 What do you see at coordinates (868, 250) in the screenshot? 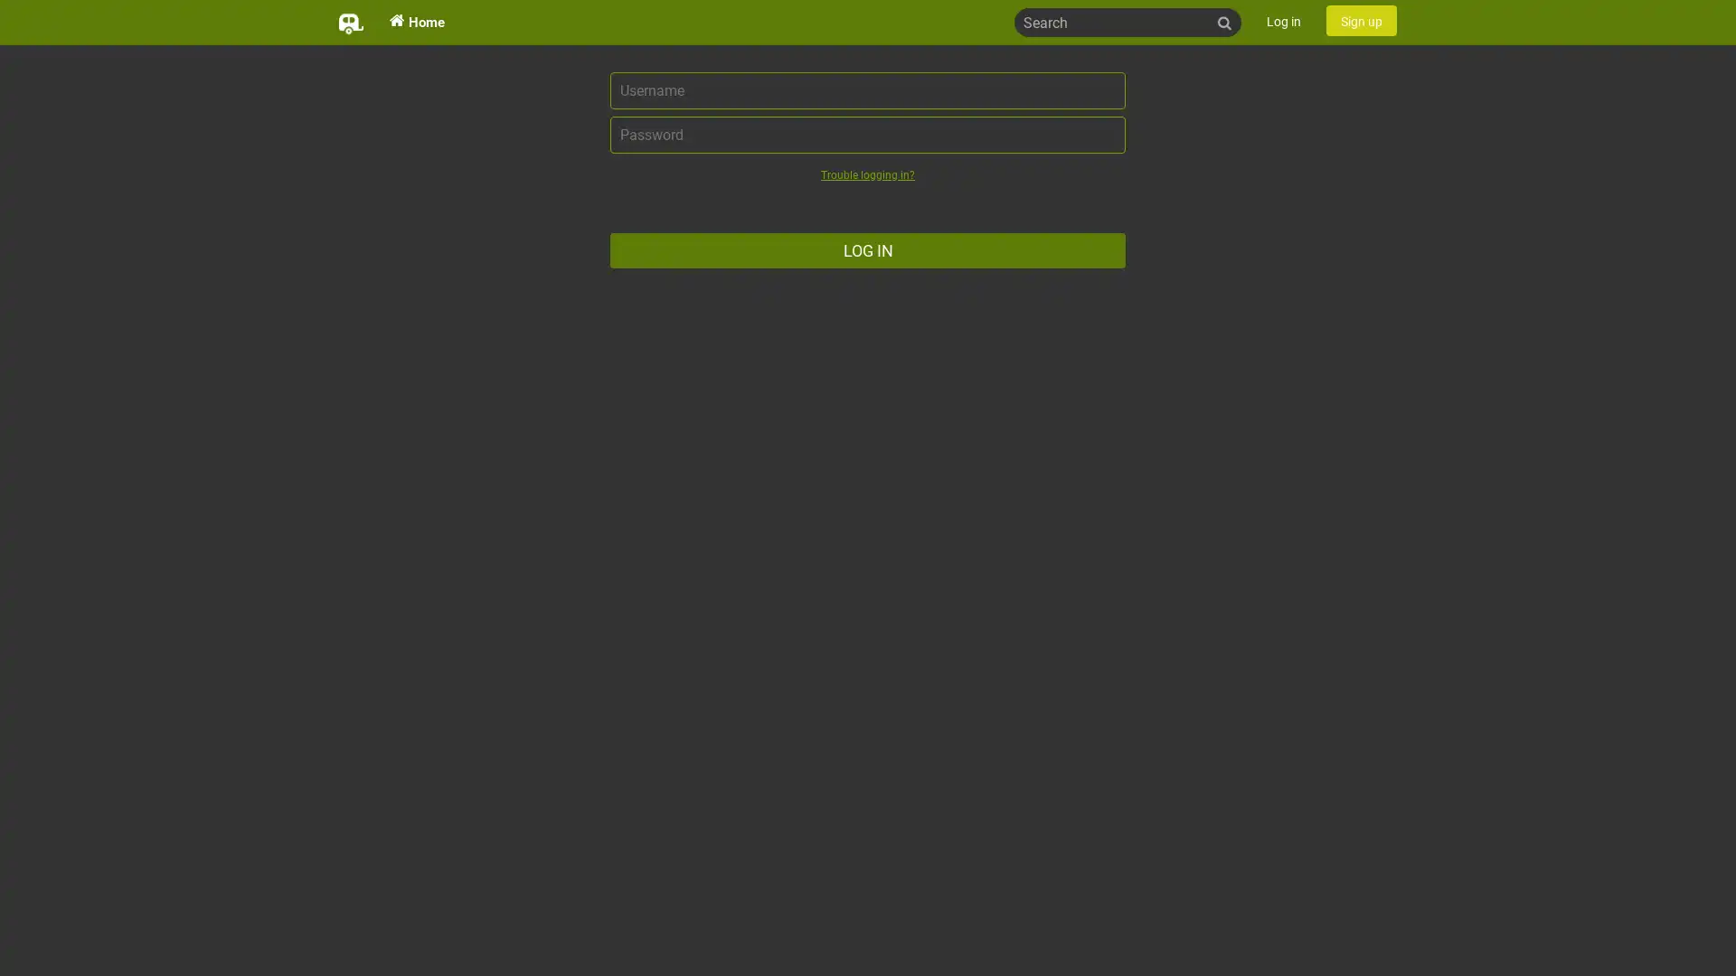
I see `LOG IN` at bounding box center [868, 250].